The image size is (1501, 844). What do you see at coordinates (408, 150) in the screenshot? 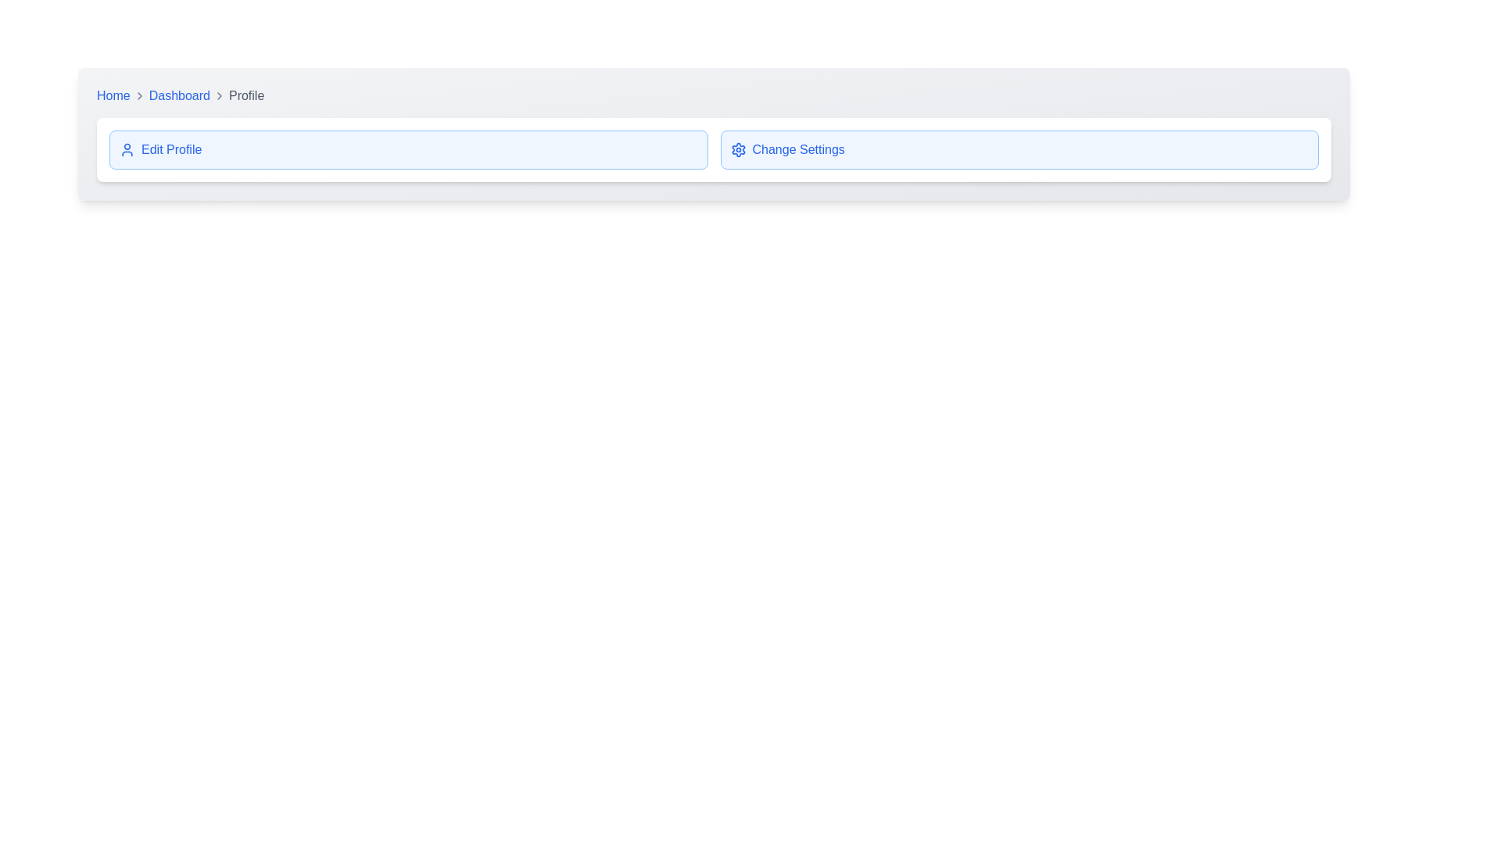
I see `the 'Edit Profile' button located in the top left section of the page` at bounding box center [408, 150].